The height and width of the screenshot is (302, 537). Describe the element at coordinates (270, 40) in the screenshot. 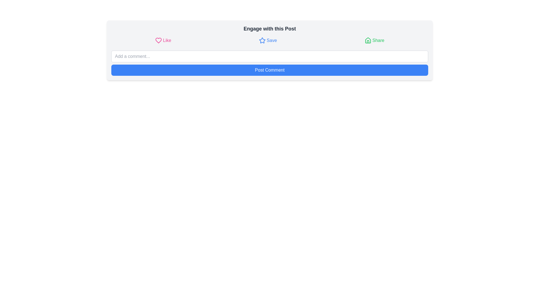

I see `the 'Share' button represented by a green house icon in the group of interactive buttons below the header 'Engage with this Post' to share the post` at that location.